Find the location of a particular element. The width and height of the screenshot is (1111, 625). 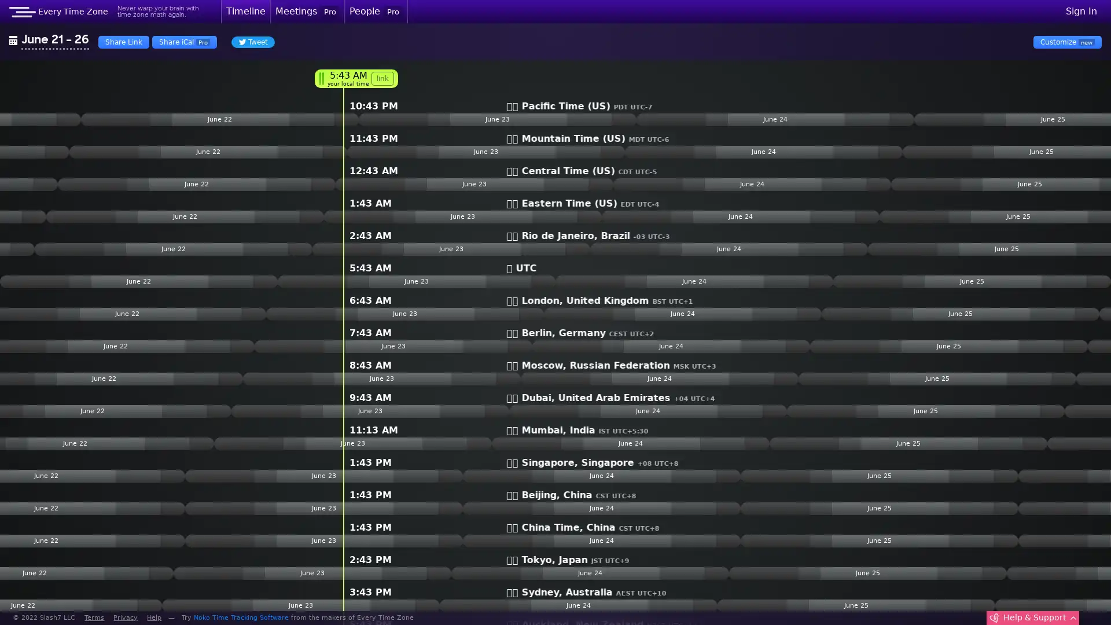

Share Link is located at coordinates (124, 41).